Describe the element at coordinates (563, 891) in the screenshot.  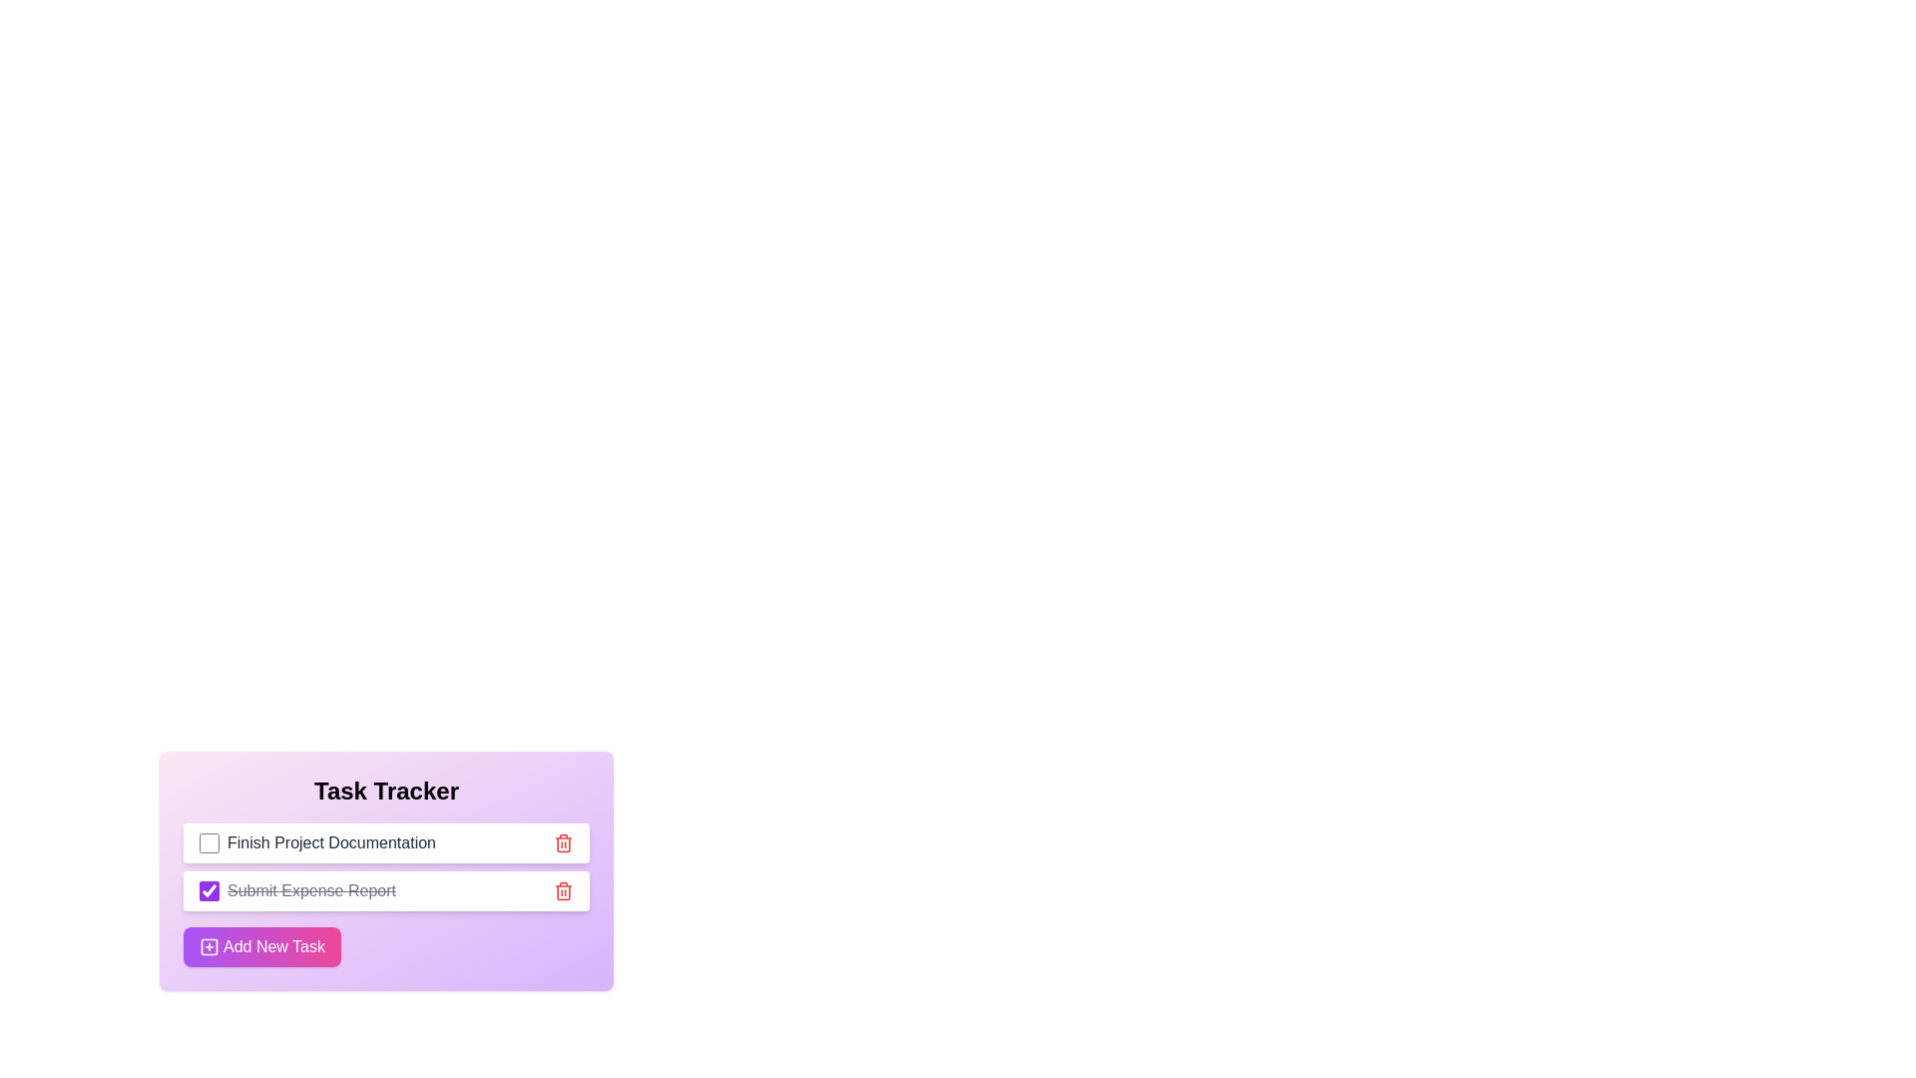
I see `the trash can icon component located in the delete button area for the second task row of the task management interface` at that location.